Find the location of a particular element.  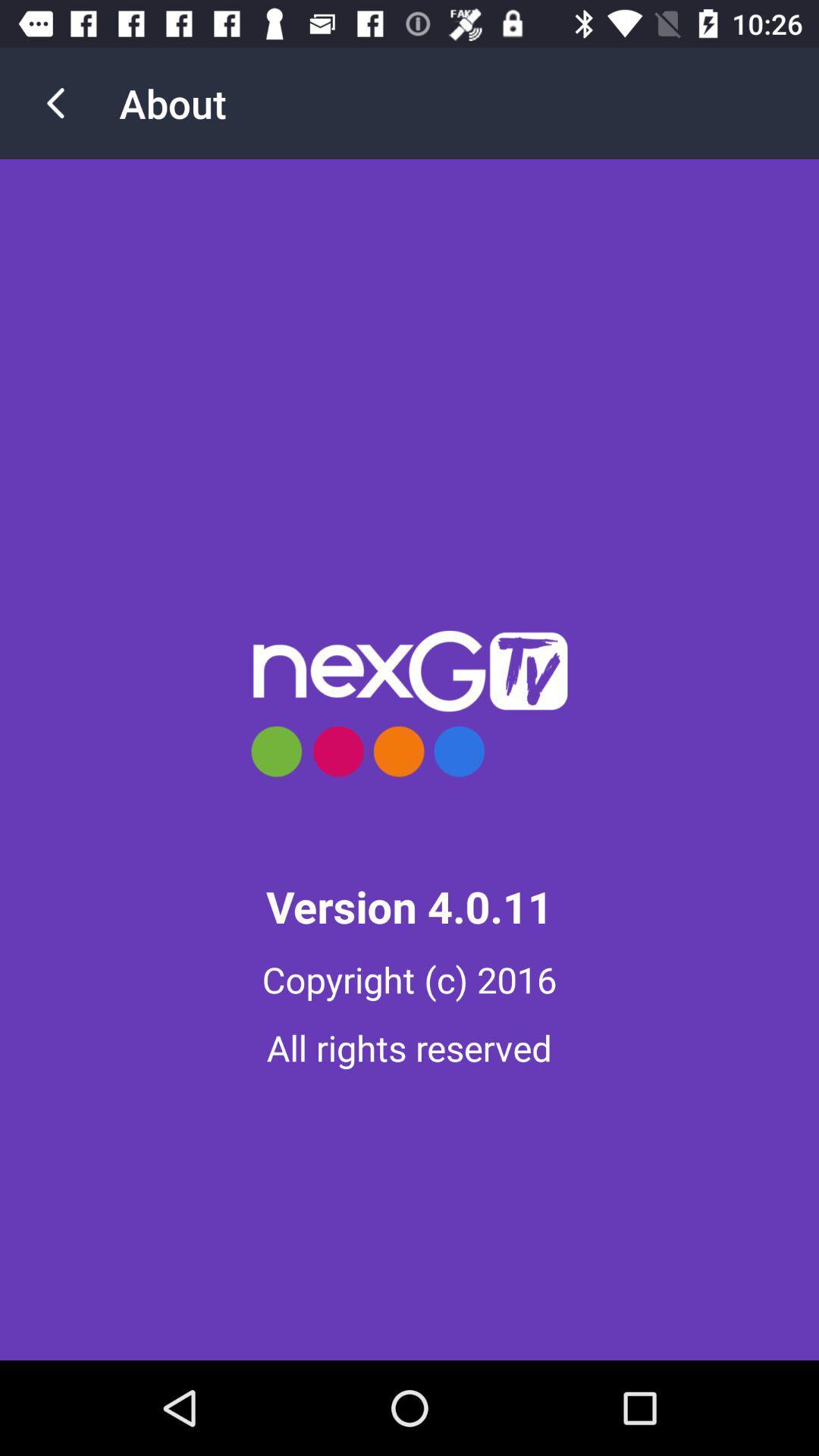

go back is located at coordinates (55, 102).